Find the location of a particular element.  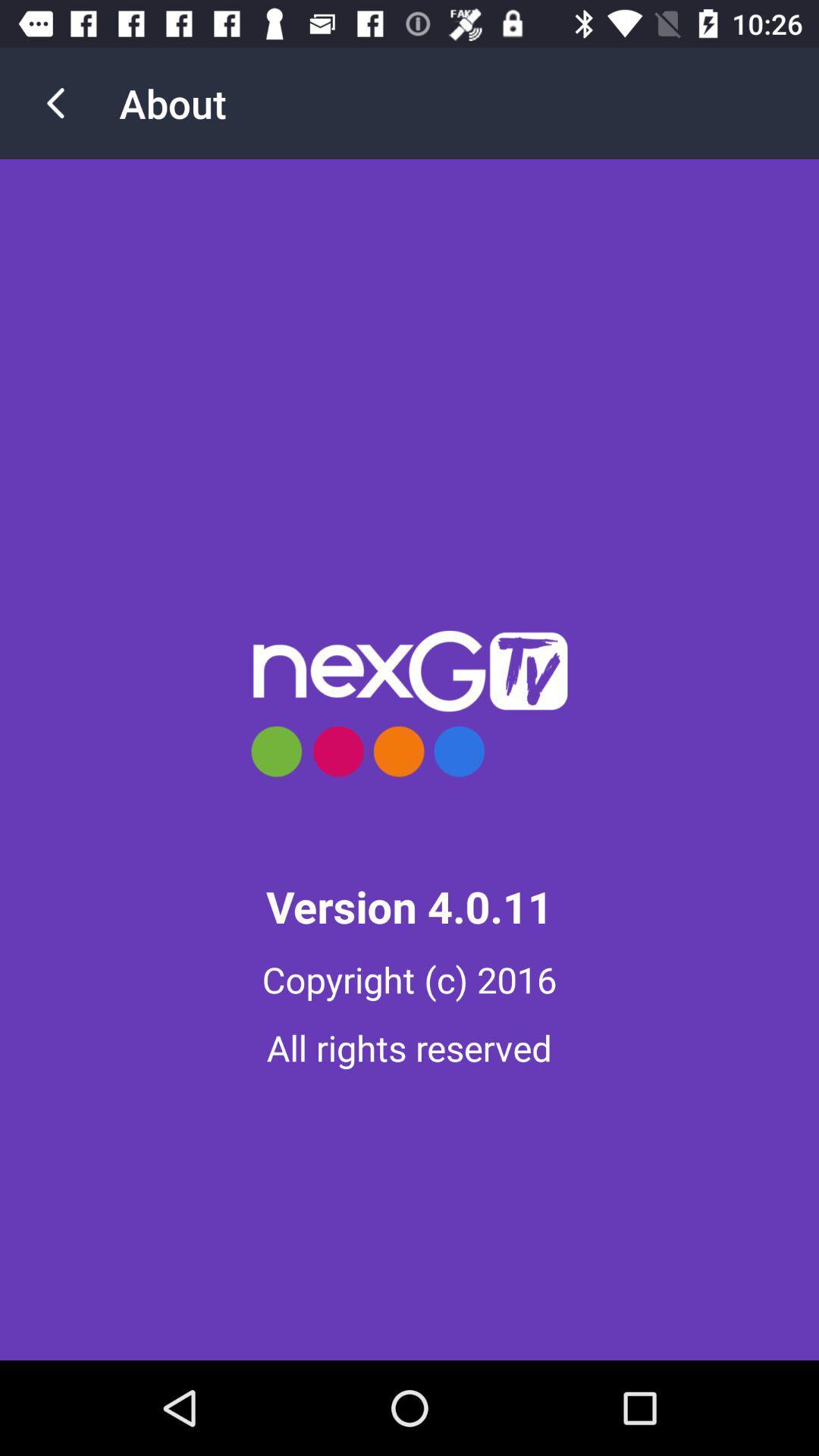

go back is located at coordinates (55, 102).